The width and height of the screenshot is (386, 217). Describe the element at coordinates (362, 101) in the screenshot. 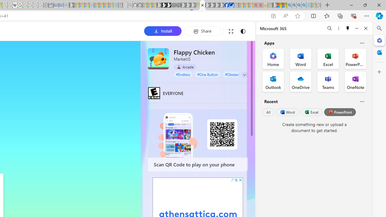

I see `'Is this helpful?'` at that location.